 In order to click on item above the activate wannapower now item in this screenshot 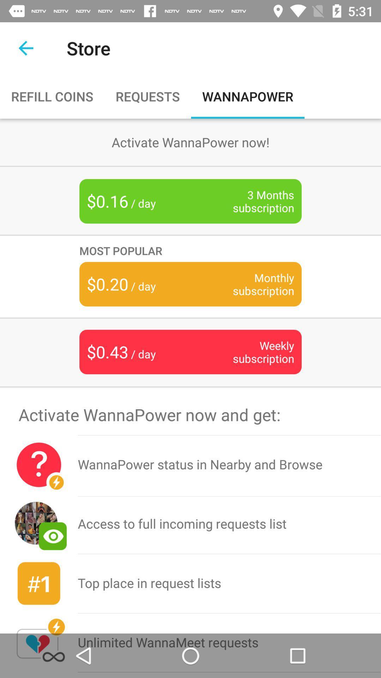, I will do `click(190, 386)`.